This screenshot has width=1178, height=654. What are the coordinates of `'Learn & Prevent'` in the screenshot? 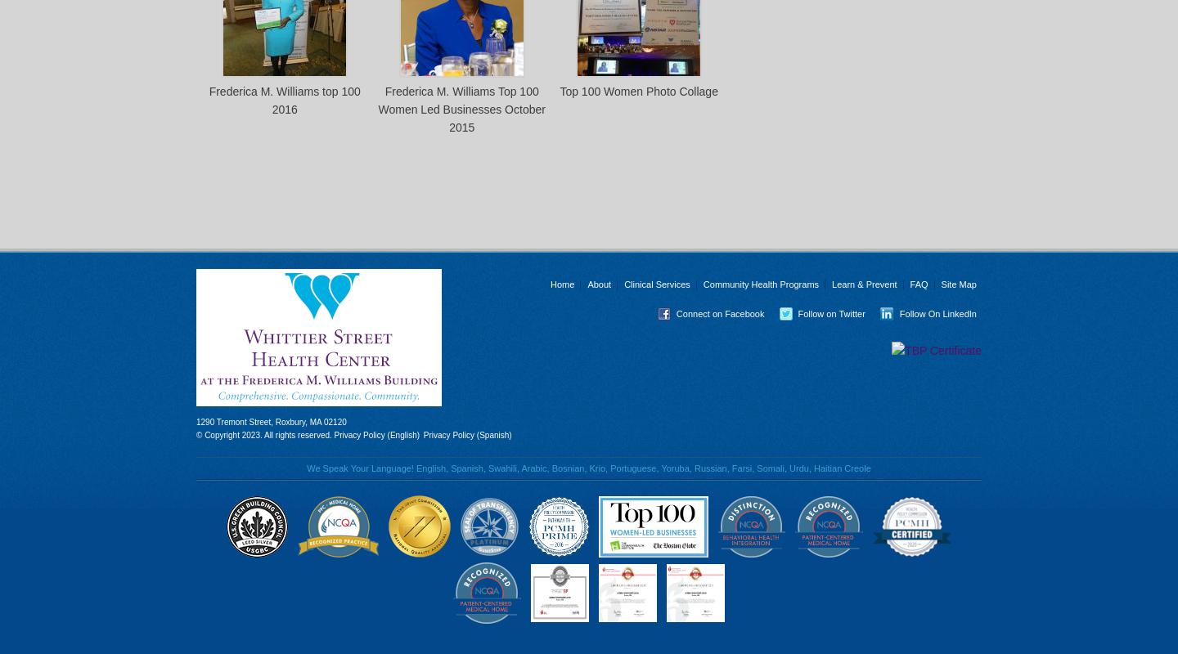 It's located at (831, 284).